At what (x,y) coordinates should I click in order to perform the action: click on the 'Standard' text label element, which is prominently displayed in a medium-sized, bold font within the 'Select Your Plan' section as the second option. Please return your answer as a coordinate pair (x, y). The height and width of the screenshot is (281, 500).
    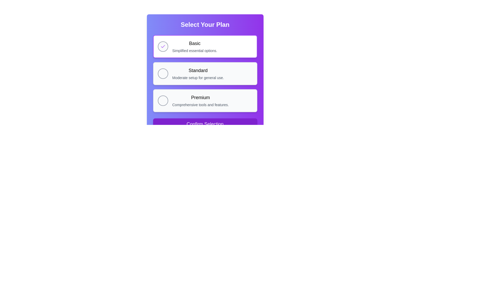
    Looking at the image, I should click on (198, 70).